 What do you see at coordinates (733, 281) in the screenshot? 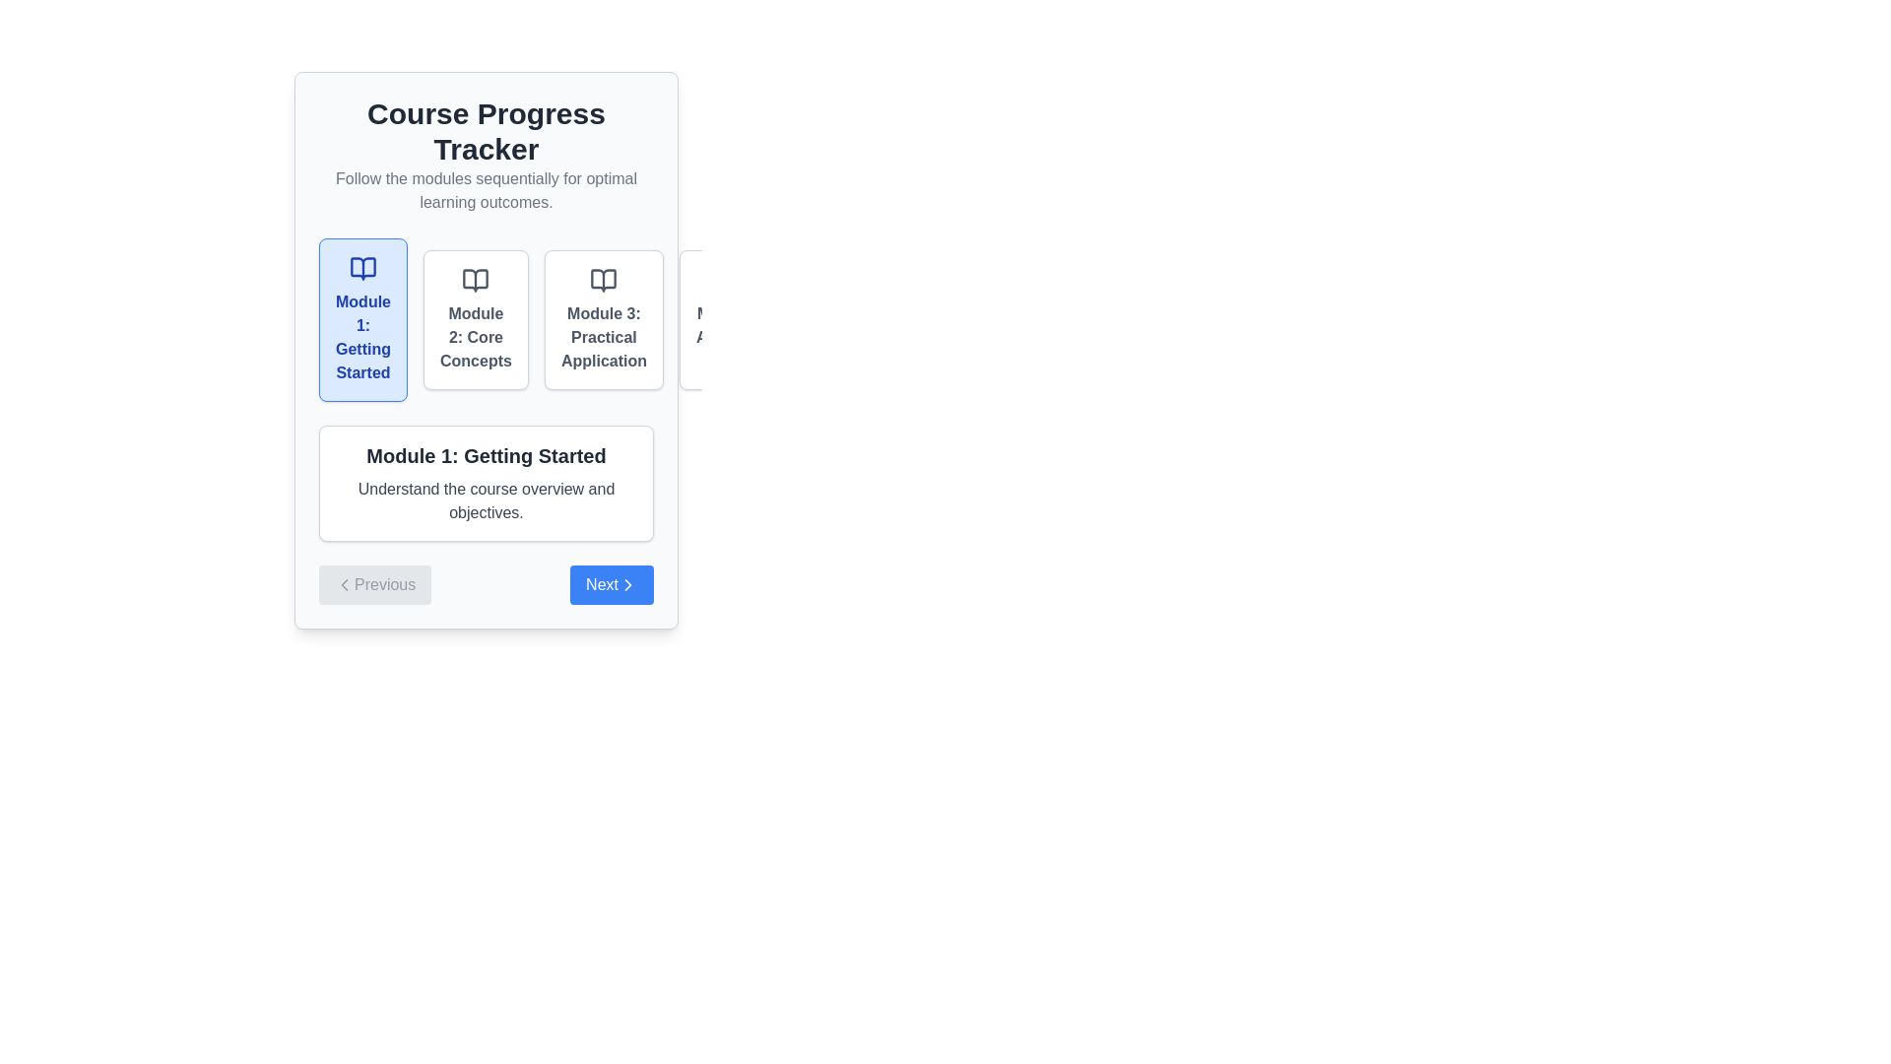
I see `the leaf of the open book icon located to the right side of the progress tracker module, which represents documents or manuals related to reading or knowledge` at bounding box center [733, 281].